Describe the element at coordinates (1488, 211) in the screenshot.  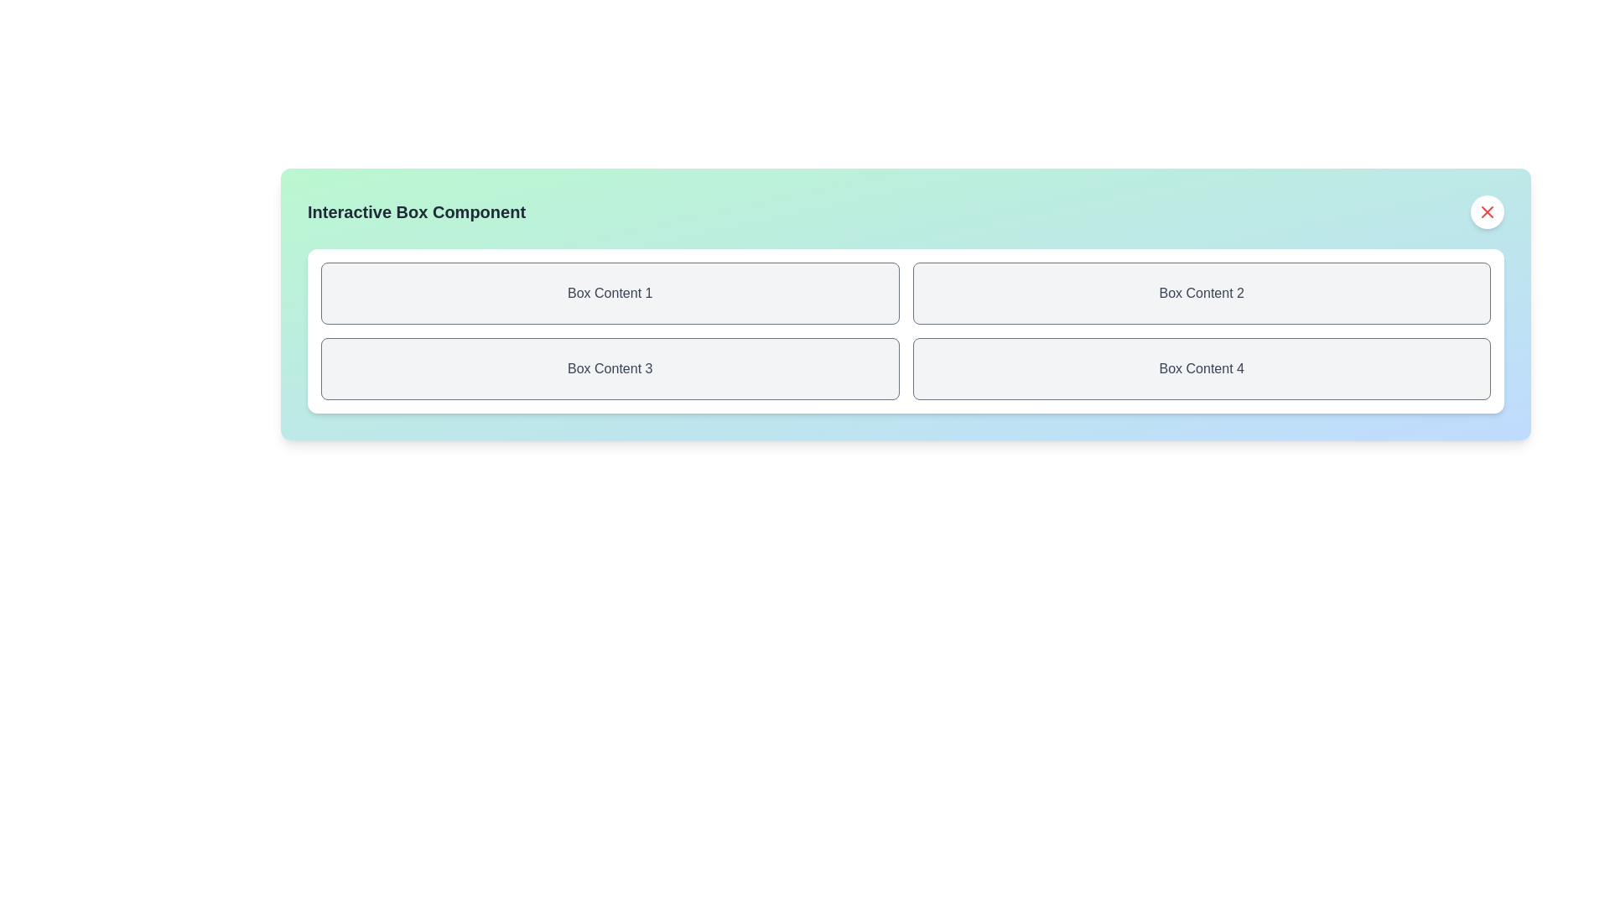
I see `the red cross icon button with a rounded white background located in the upper-right corner of the 'Interactive Box Component'` at that location.